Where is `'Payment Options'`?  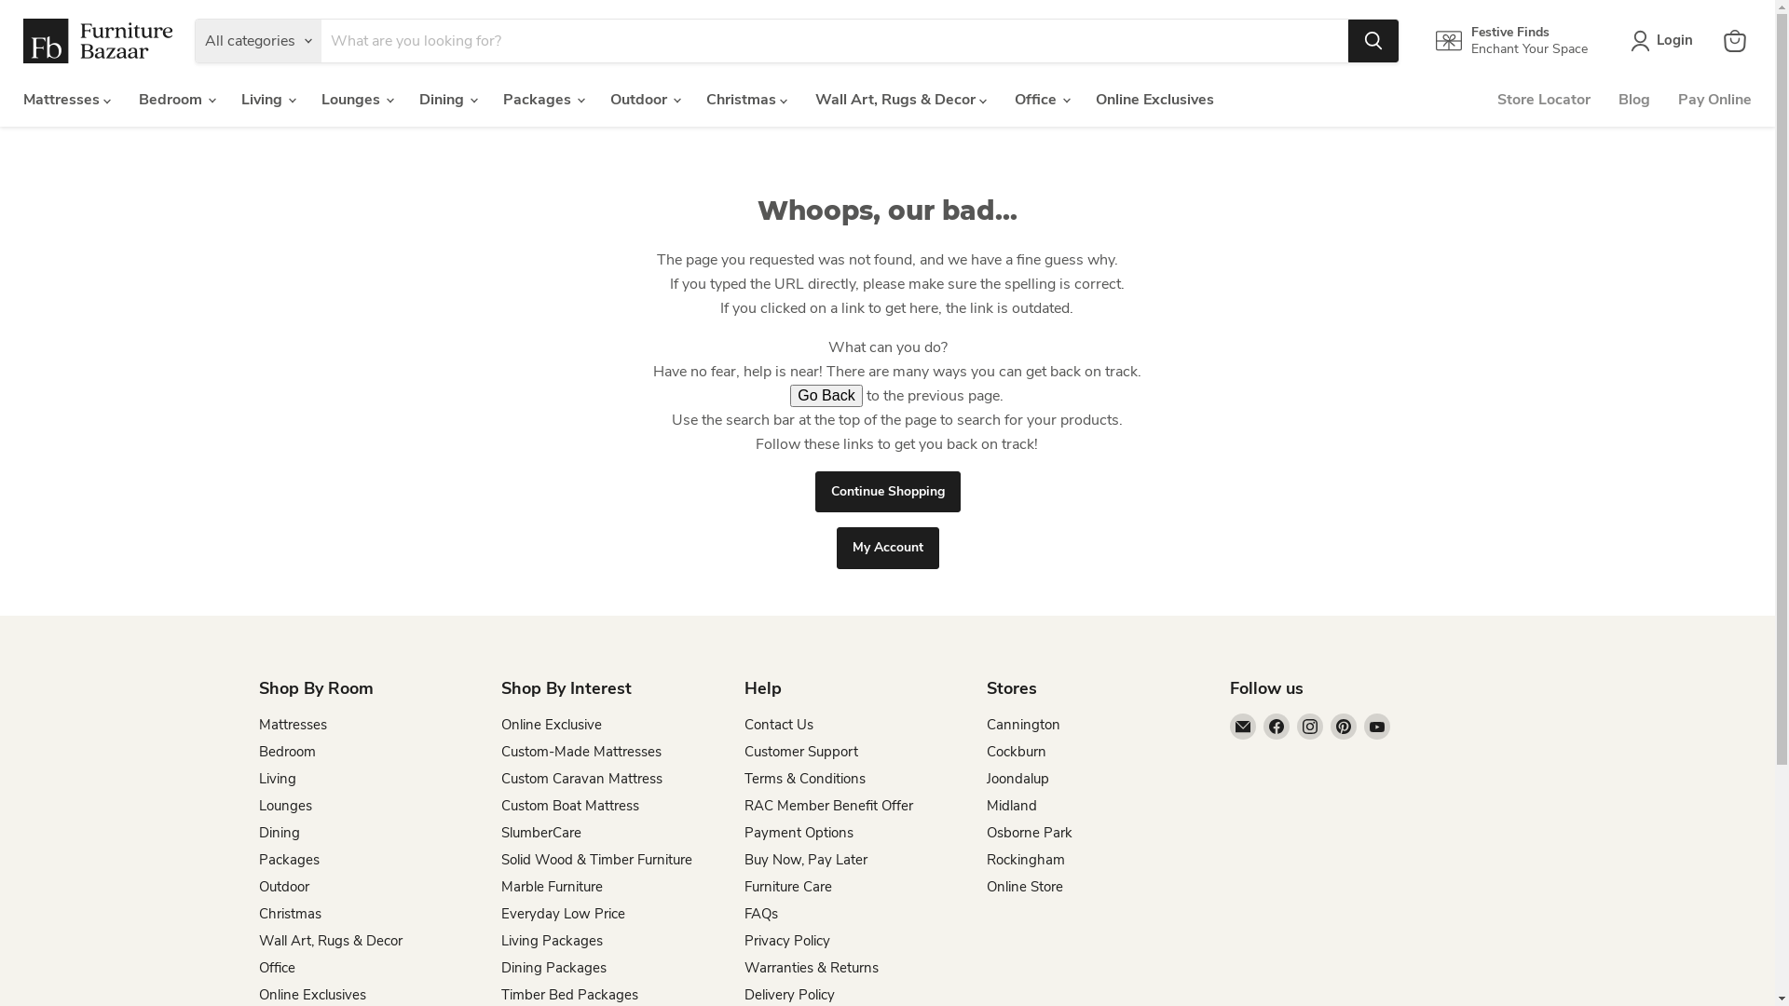
'Payment Options' is located at coordinates (798, 832).